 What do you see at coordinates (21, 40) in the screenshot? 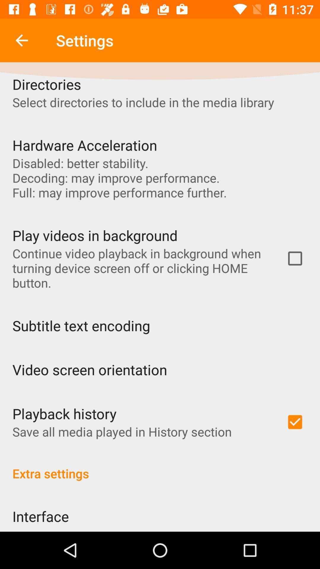
I see `the item to the left of the settings app` at bounding box center [21, 40].